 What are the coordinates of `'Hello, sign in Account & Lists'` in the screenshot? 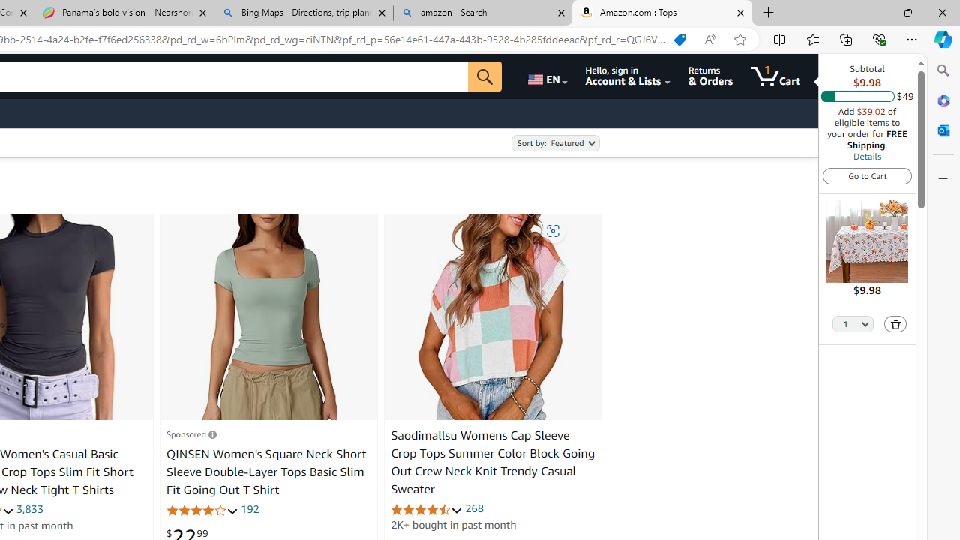 It's located at (628, 76).